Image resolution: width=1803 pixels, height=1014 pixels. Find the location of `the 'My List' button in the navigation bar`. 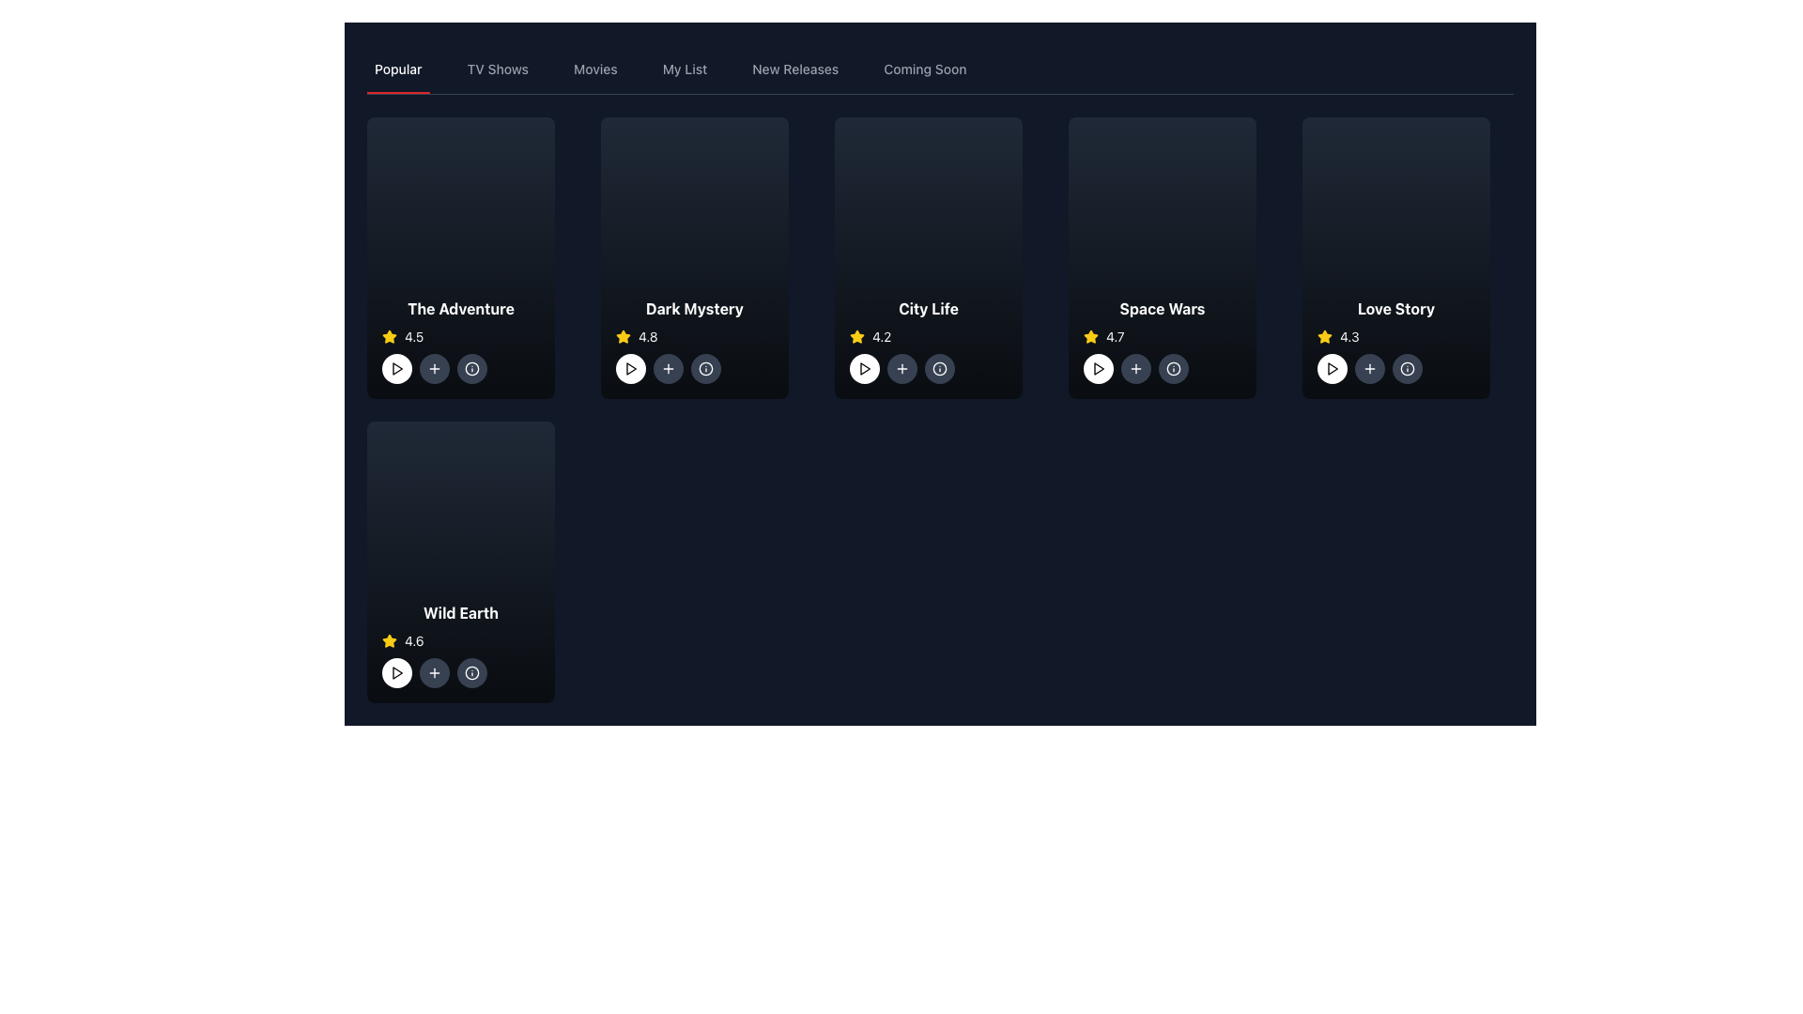

the 'My List' button in the navigation bar is located at coordinates (684, 68).